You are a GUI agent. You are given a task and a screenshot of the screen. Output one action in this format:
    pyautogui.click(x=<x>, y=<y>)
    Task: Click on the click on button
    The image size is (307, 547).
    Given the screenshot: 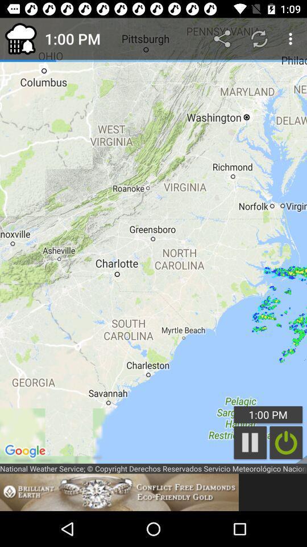 What is the action you would take?
    pyautogui.click(x=285, y=442)
    